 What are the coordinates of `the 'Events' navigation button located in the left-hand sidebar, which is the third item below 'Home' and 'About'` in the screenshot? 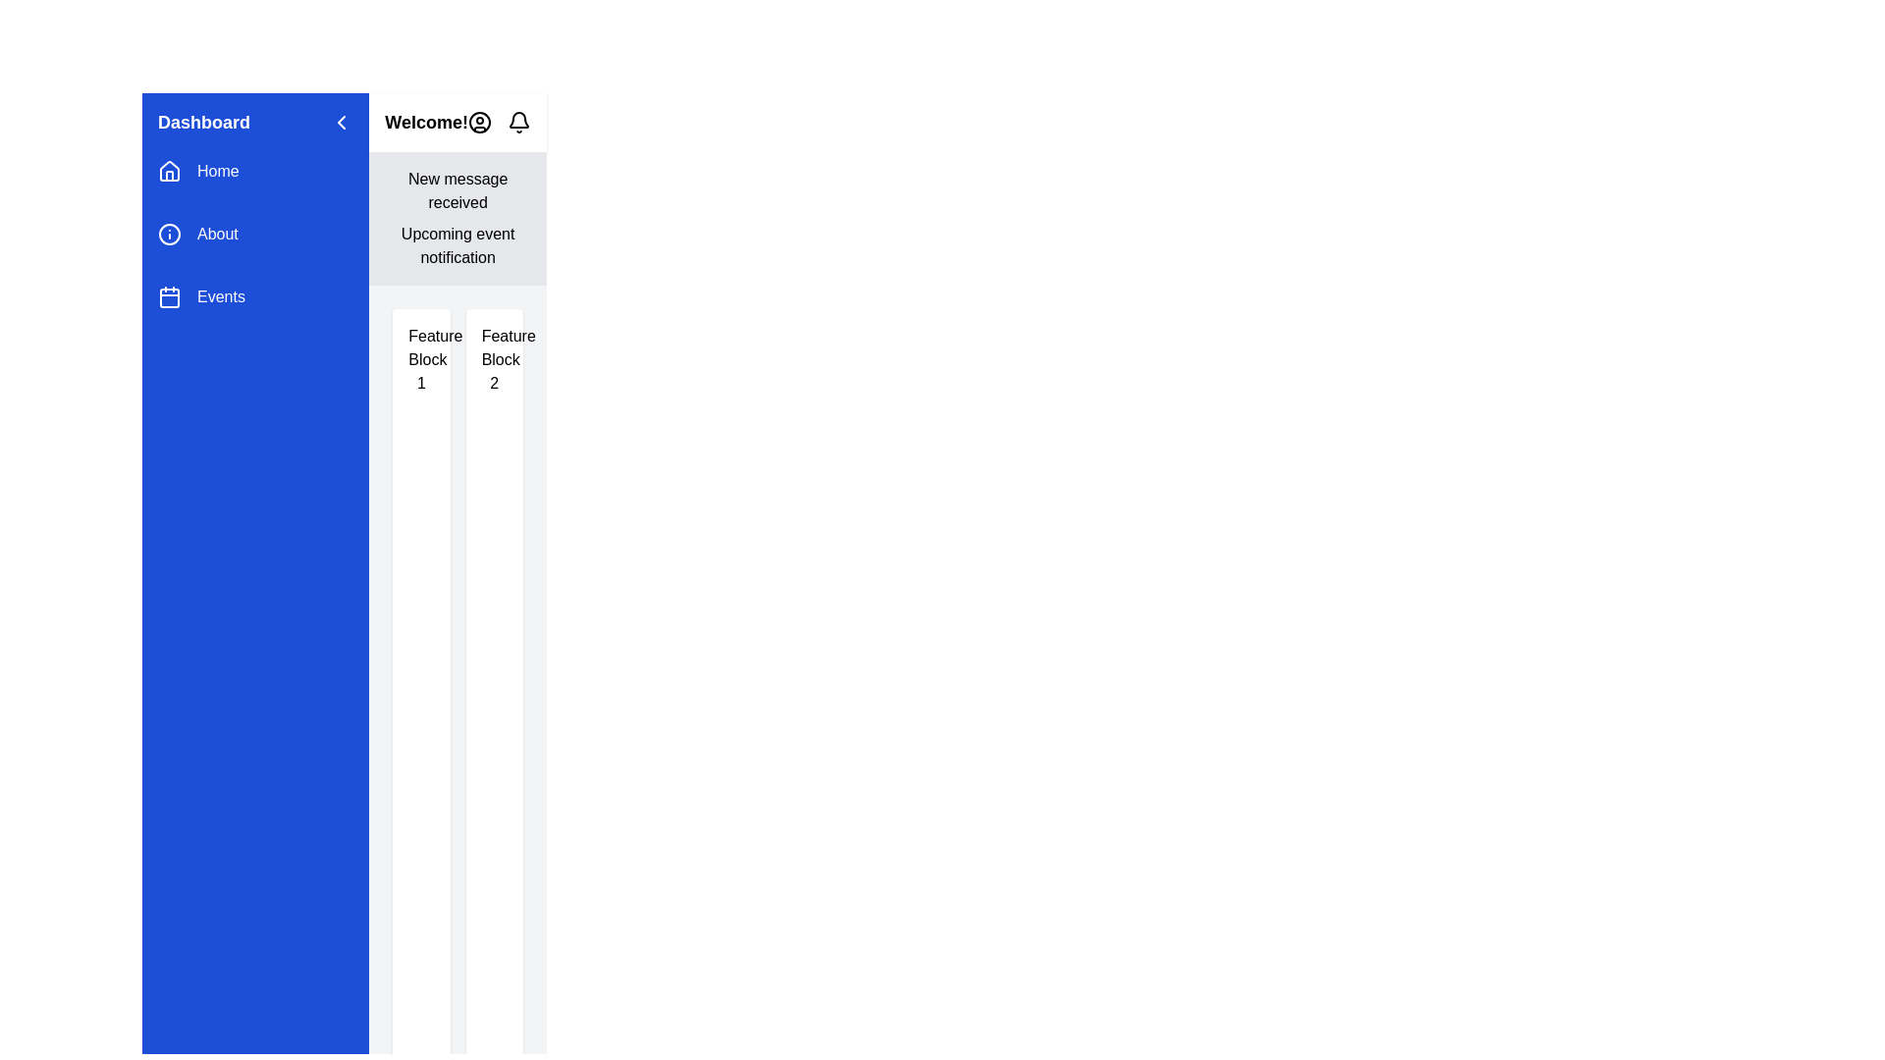 It's located at (254, 297).